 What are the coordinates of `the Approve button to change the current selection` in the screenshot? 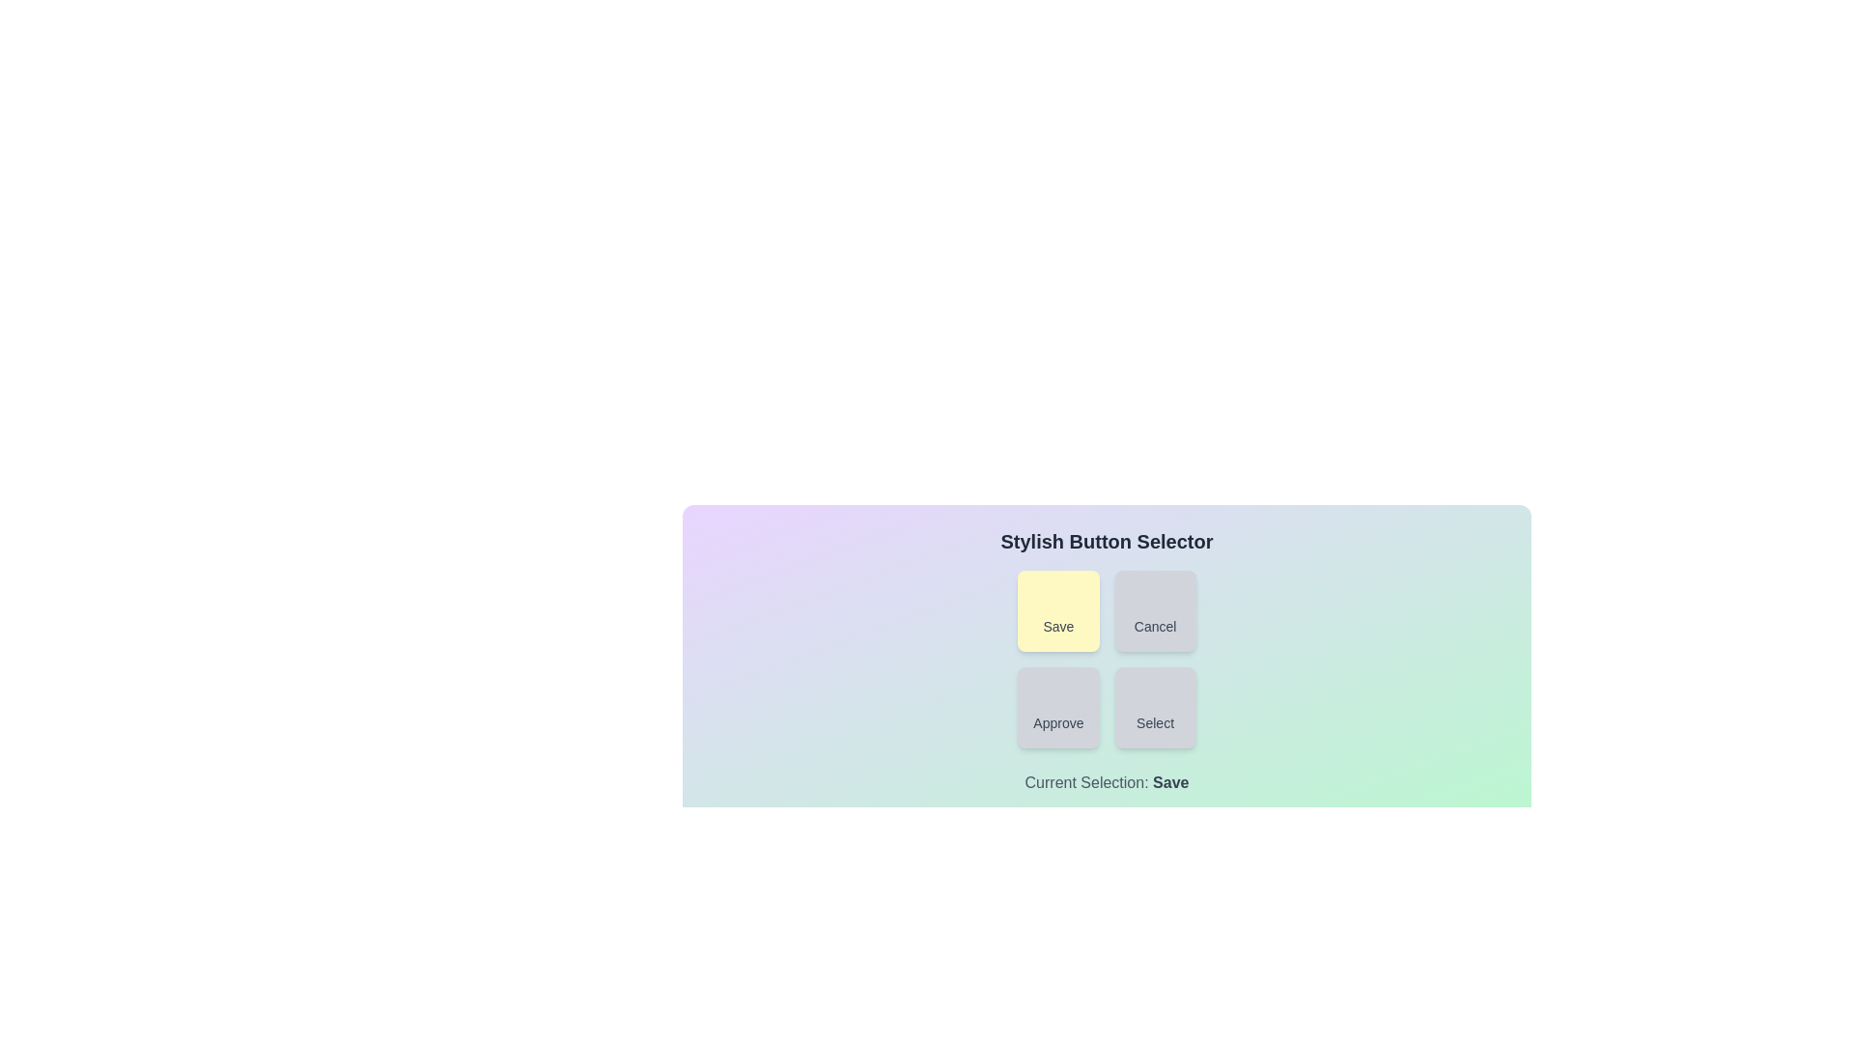 It's located at (1057, 707).